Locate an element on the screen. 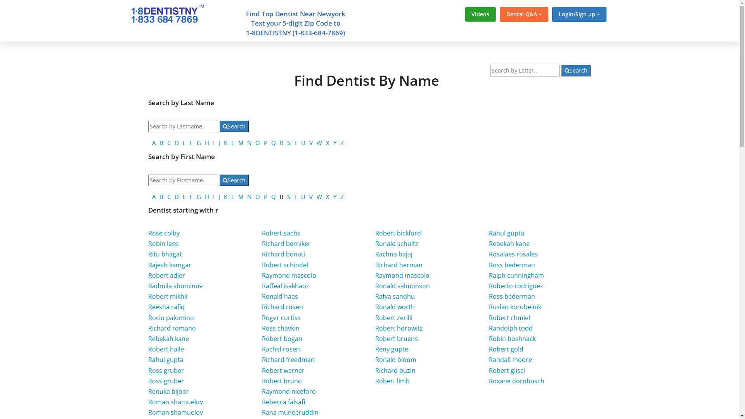 Image resolution: width=745 pixels, height=419 pixels. 'S' is located at coordinates (288, 142).